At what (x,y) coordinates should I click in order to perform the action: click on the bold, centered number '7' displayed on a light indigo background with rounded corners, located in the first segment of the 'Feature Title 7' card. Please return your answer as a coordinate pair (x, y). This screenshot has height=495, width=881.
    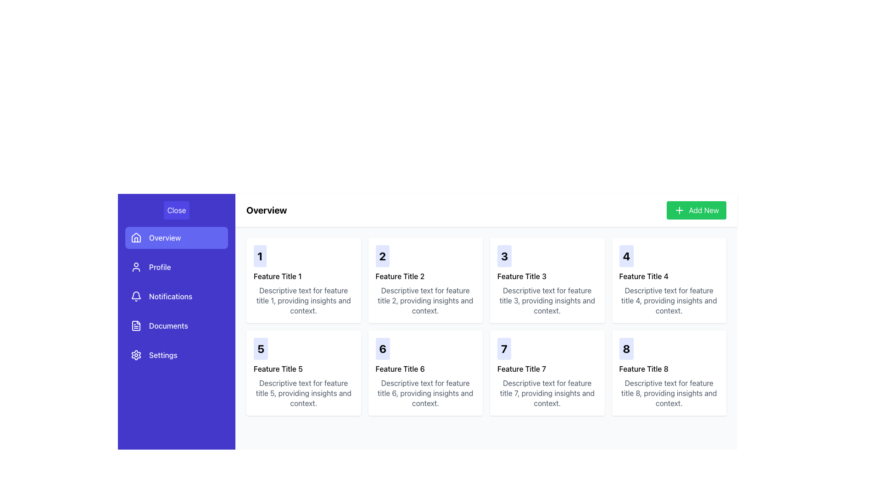
    Looking at the image, I should click on (504, 348).